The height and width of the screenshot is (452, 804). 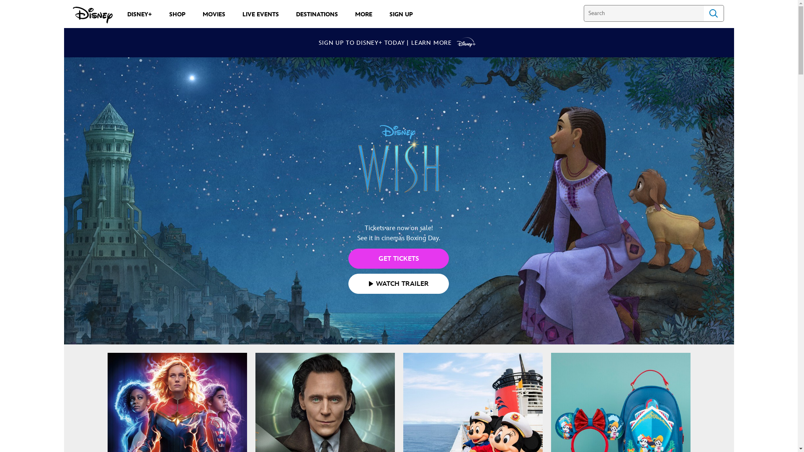 I want to click on 'MOVIES', so click(x=214, y=14).